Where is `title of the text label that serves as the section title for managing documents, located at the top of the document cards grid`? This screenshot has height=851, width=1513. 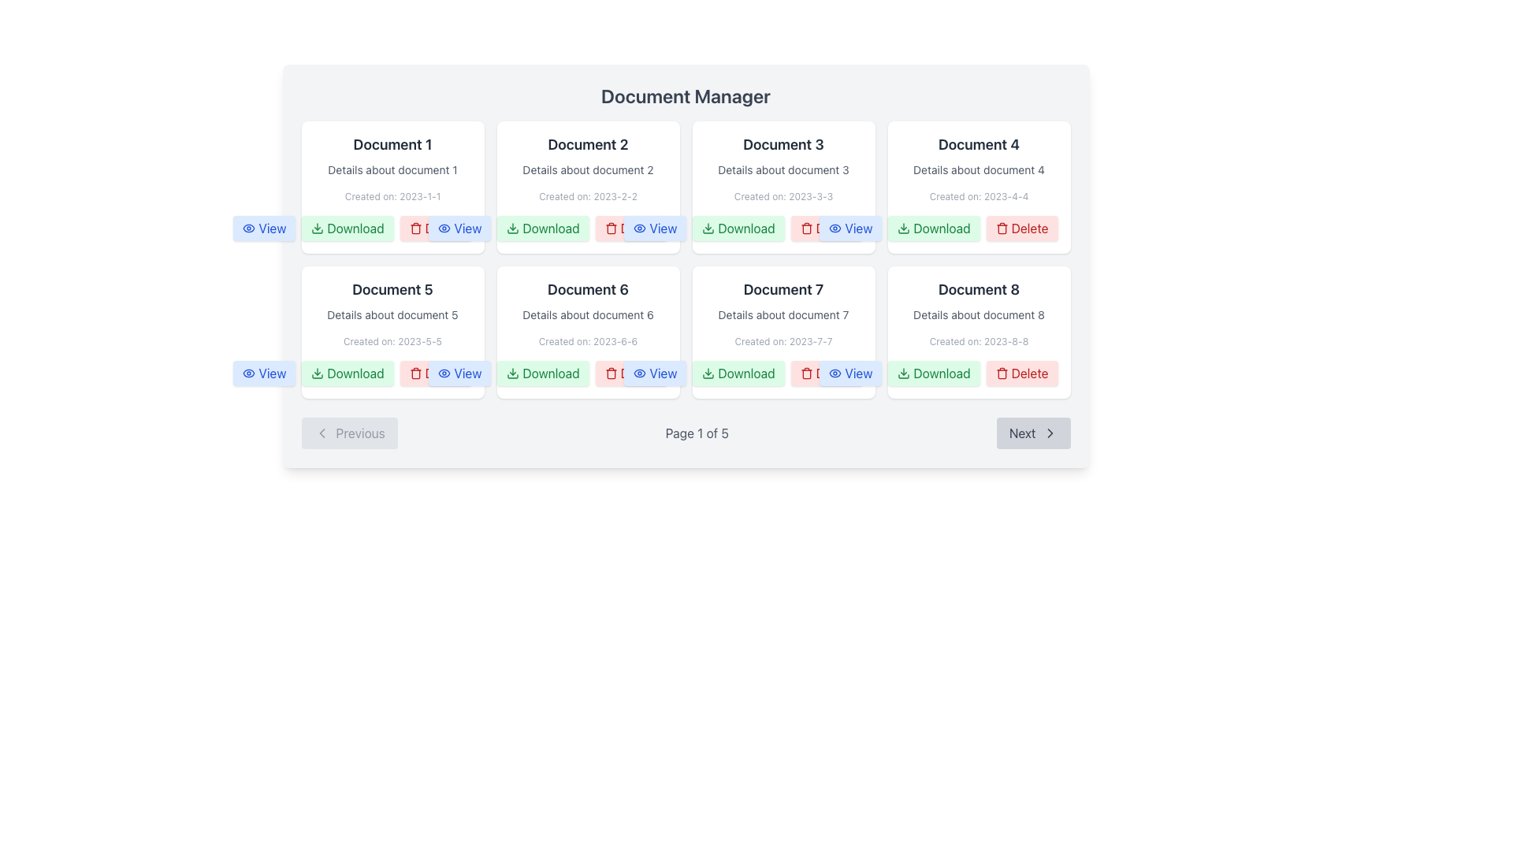 title of the text label that serves as the section title for managing documents, located at the top of the document cards grid is located at coordinates (686, 96).